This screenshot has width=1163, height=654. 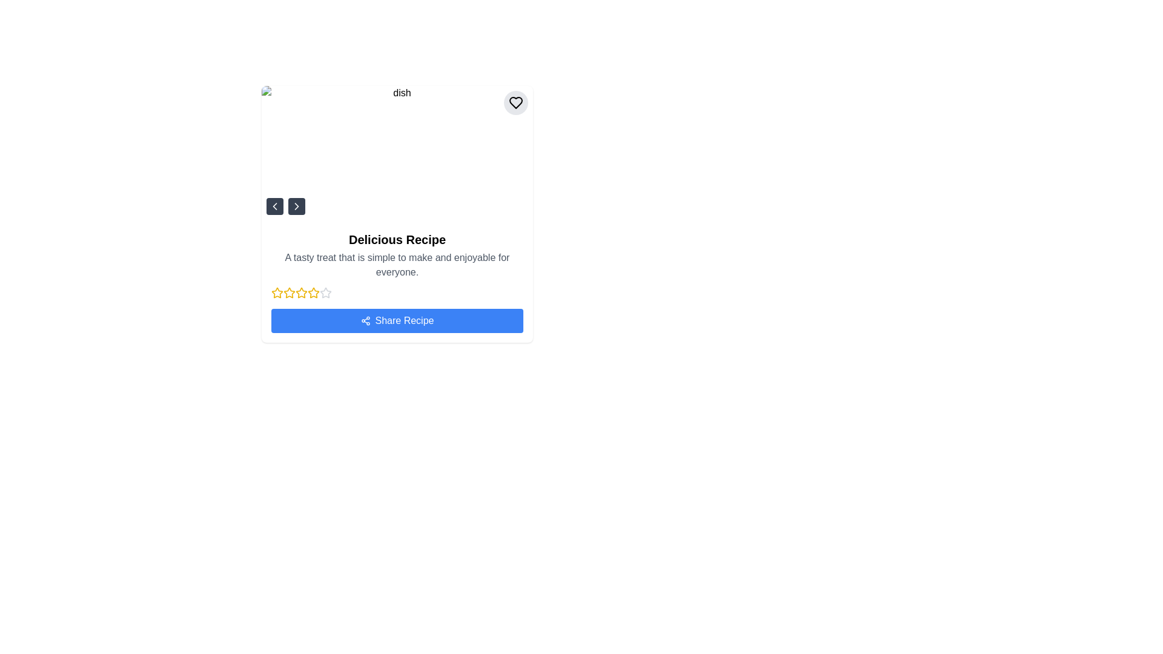 What do you see at coordinates (515, 102) in the screenshot?
I see `the decorative heart icon in the top-right corner of the card interface, which represents a 'like' or 'favorite' function` at bounding box center [515, 102].